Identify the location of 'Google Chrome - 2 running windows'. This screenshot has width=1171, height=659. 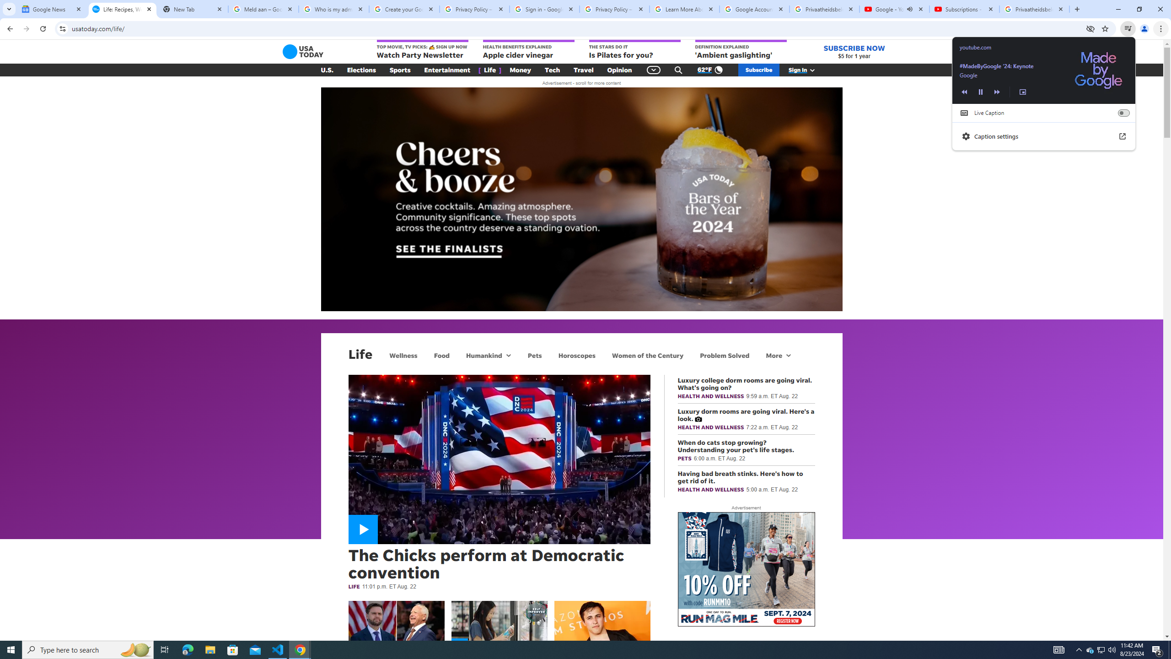
(300, 649).